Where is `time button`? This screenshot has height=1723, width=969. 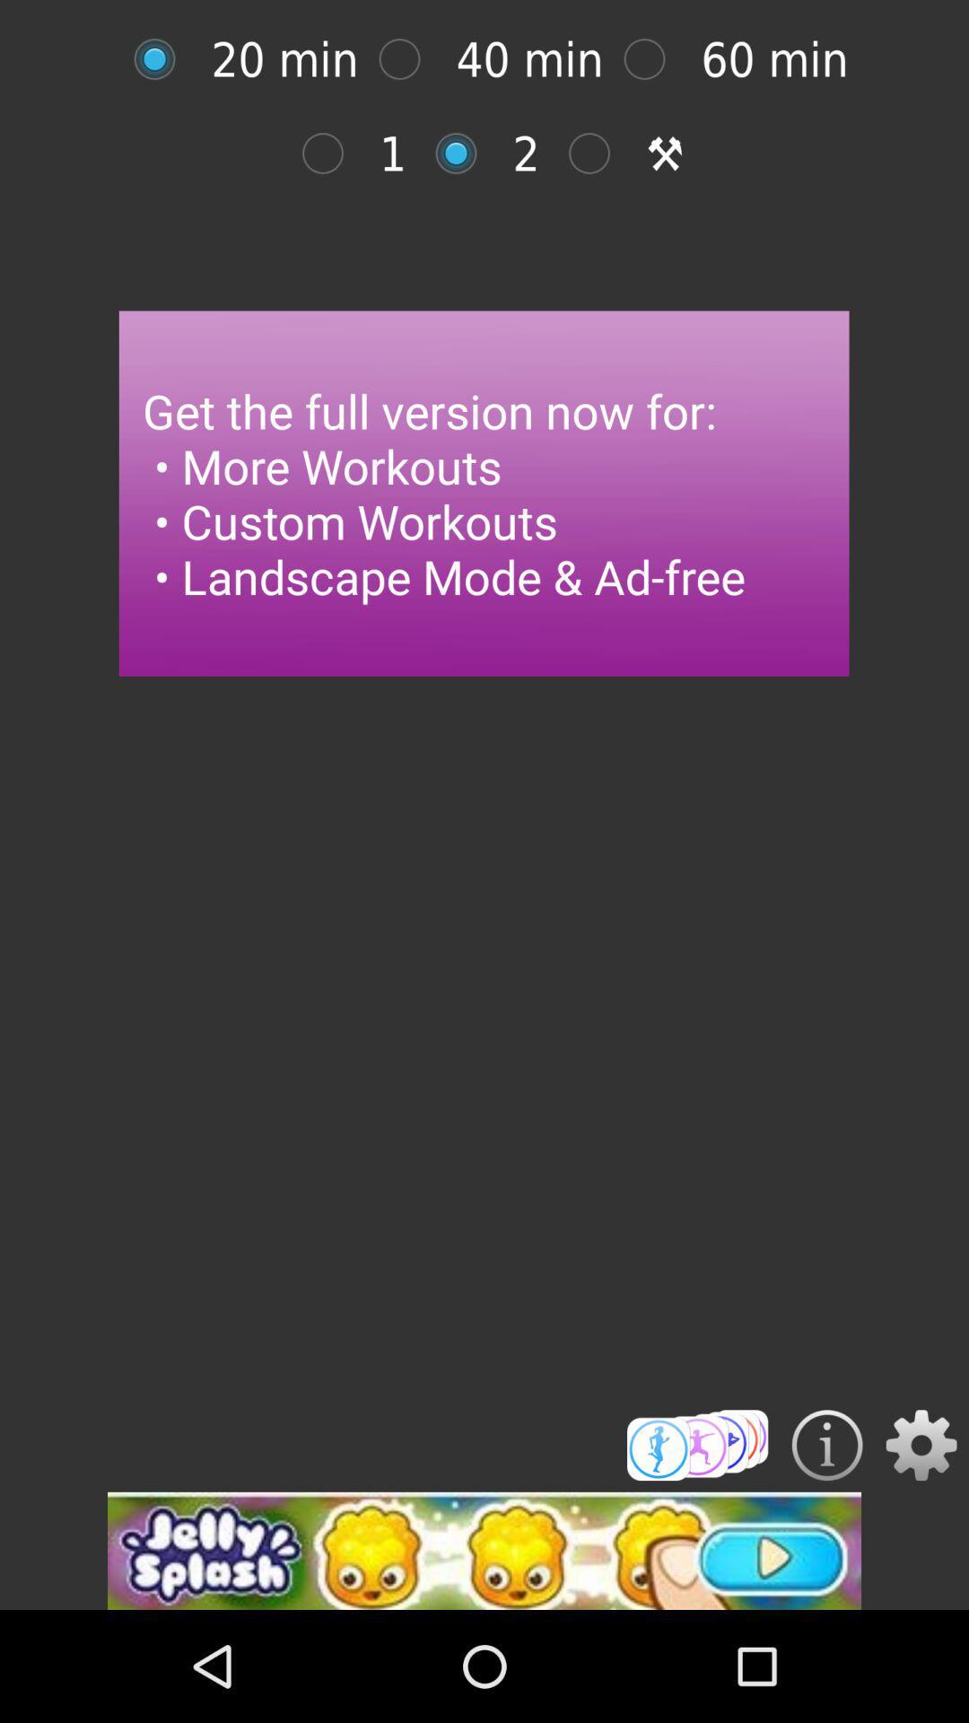 time button is located at coordinates (163, 59).